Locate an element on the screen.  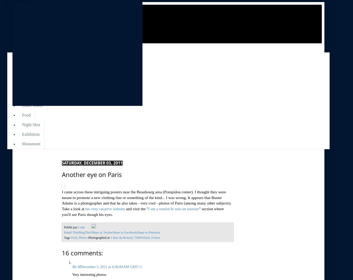
'03rd' is located at coordinates (71, 237).